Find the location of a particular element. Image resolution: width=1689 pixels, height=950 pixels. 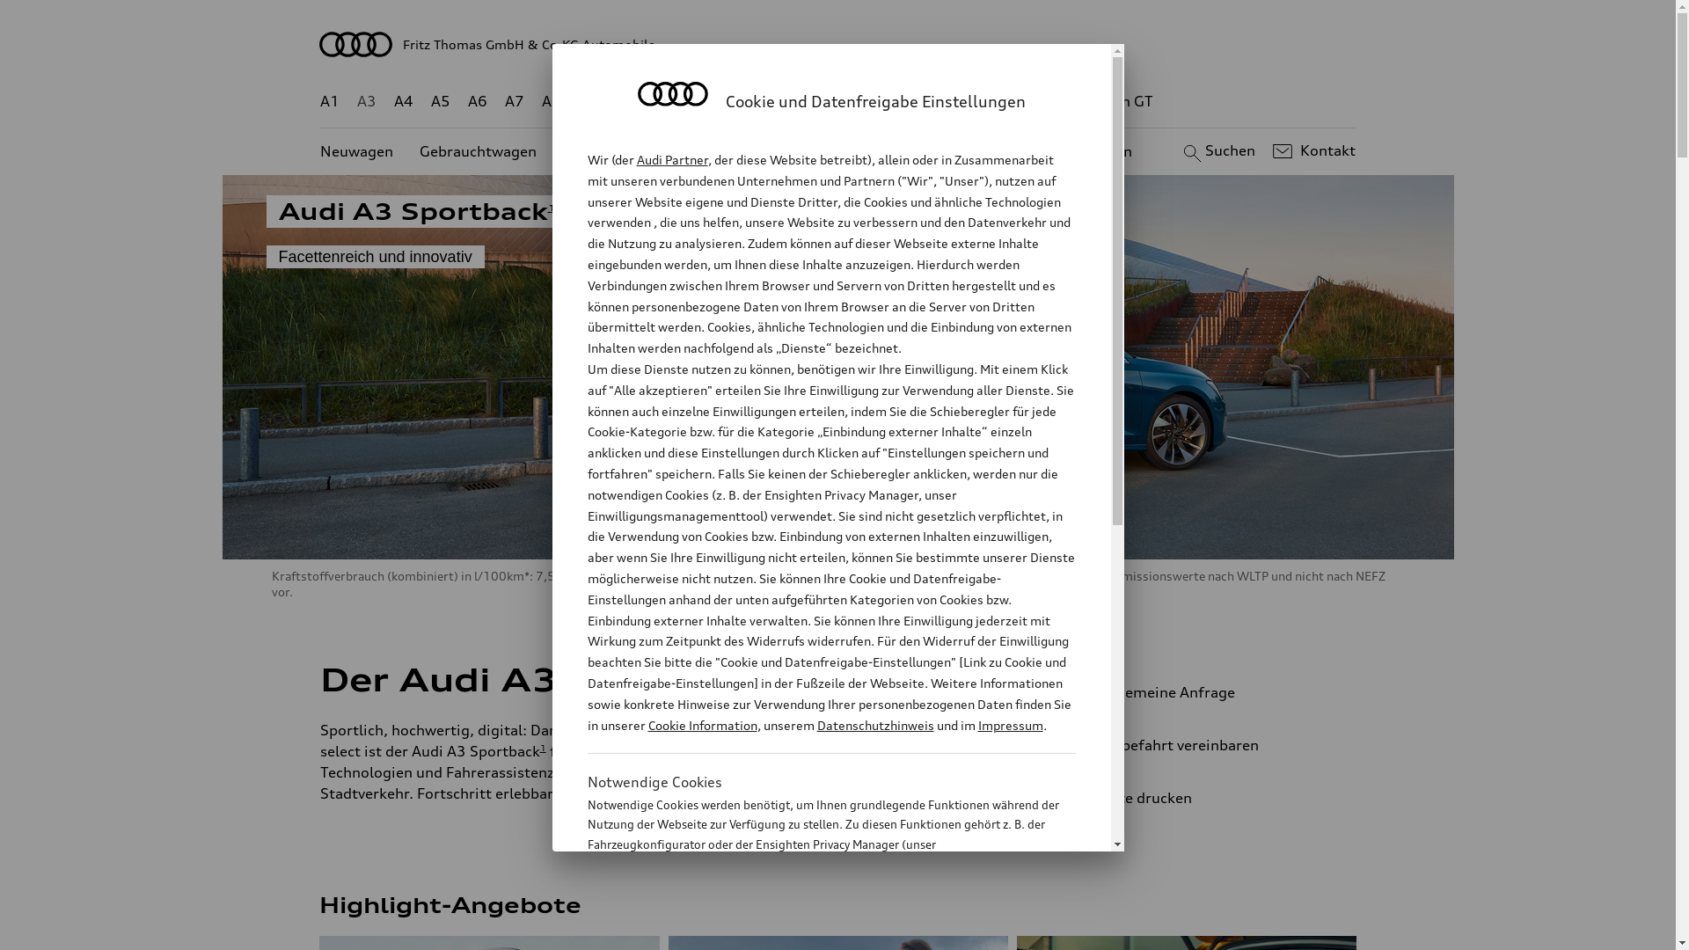

'A3' is located at coordinates (366, 101).